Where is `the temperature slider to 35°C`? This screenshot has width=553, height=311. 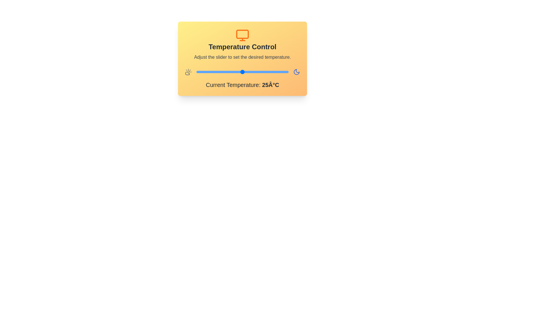 the temperature slider to 35°C is located at coordinates (273, 72).